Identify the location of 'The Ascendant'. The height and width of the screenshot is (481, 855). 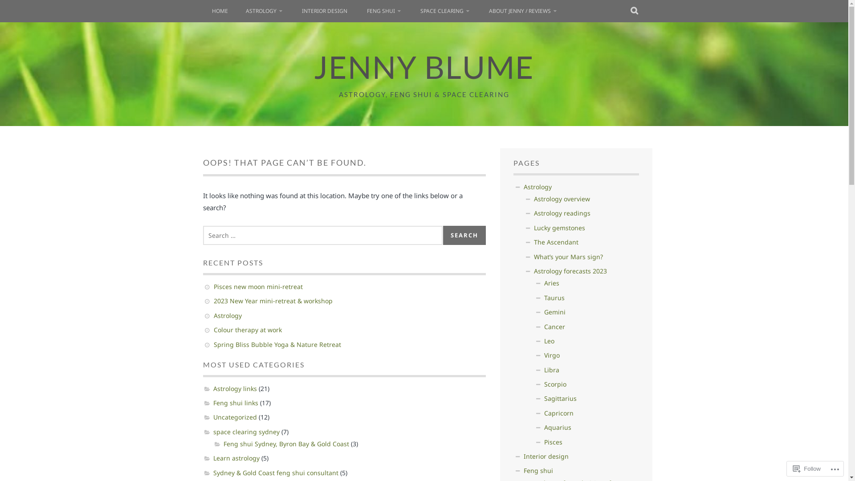
(555, 242).